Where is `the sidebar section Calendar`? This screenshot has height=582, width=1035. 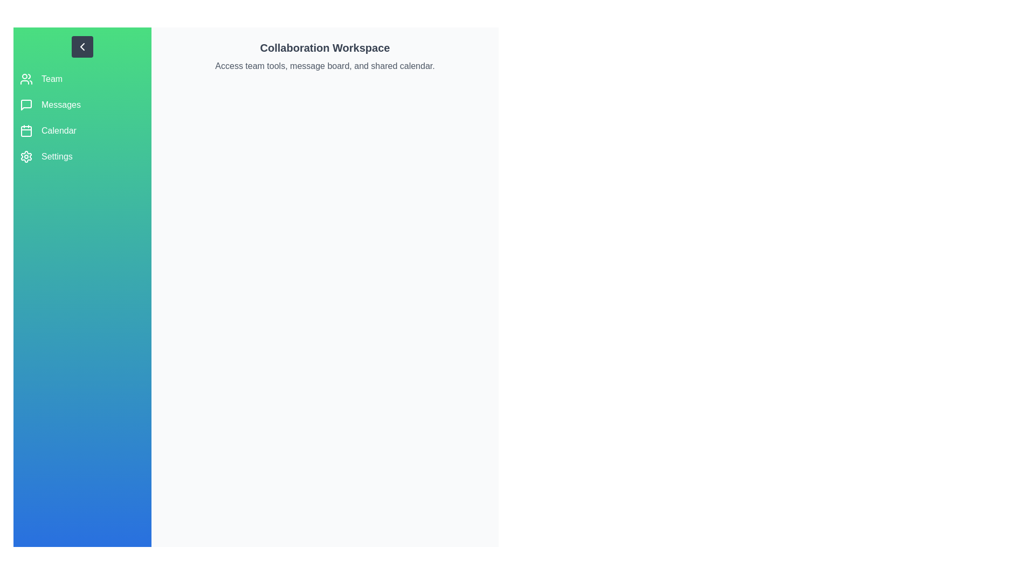 the sidebar section Calendar is located at coordinates (82, 130).